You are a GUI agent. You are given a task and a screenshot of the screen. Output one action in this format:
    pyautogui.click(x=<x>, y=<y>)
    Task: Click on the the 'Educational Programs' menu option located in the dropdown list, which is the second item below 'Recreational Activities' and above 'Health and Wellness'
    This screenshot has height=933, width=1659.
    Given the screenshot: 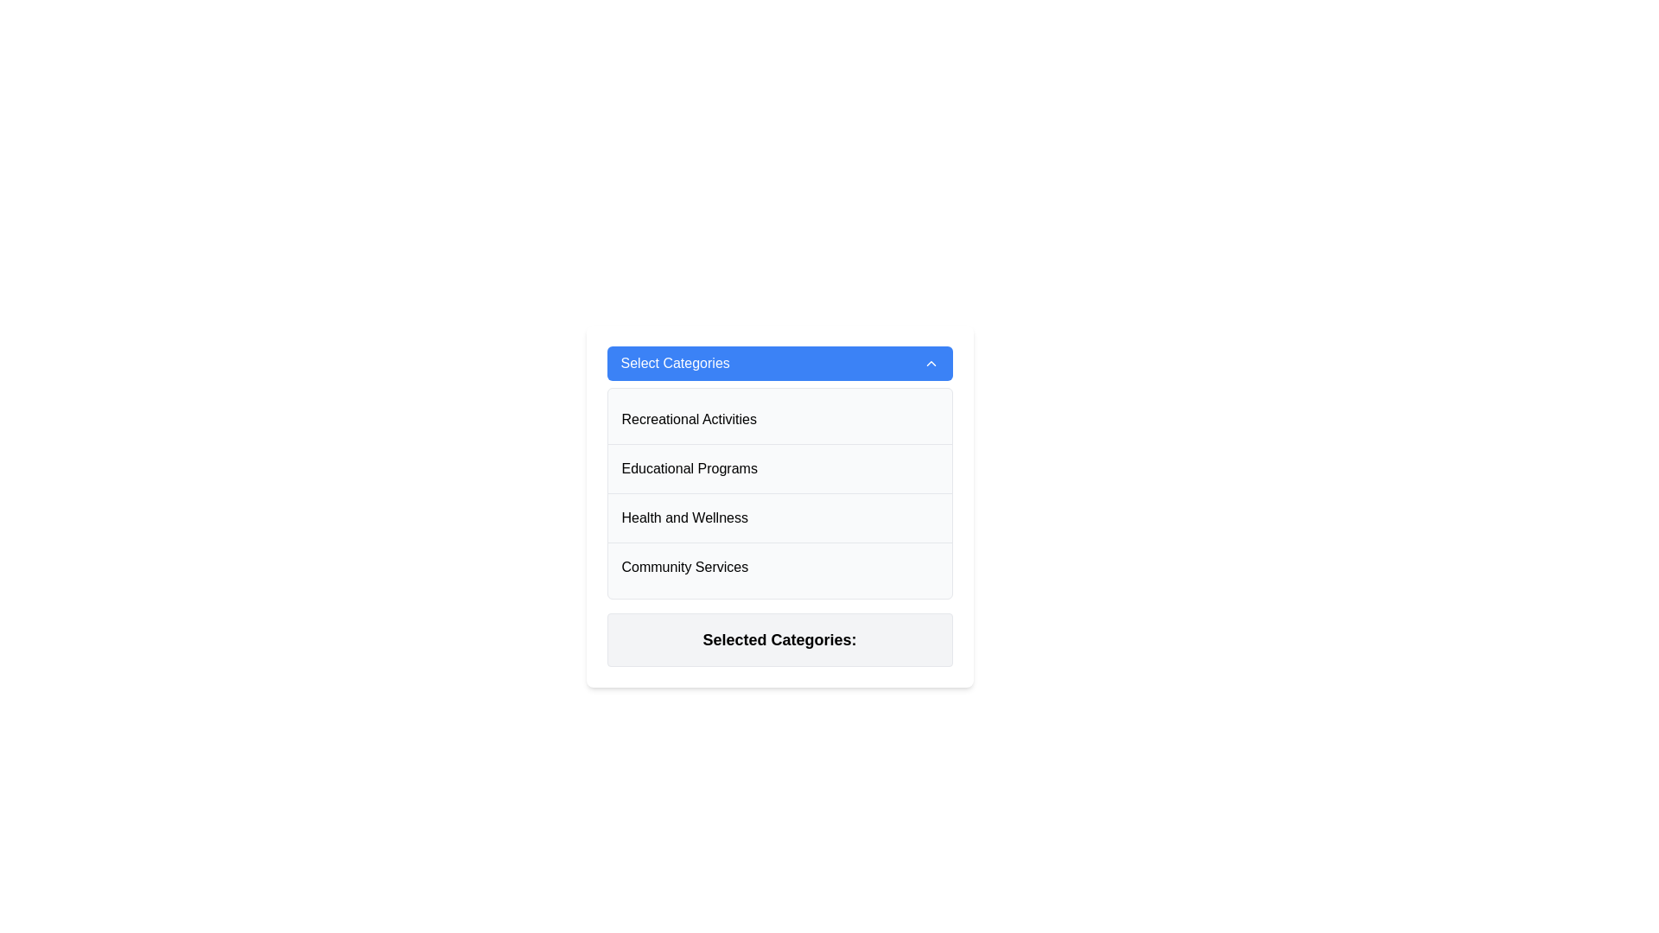 What is the action you would take?
    pyautogui.click(x=779, y=493)
    